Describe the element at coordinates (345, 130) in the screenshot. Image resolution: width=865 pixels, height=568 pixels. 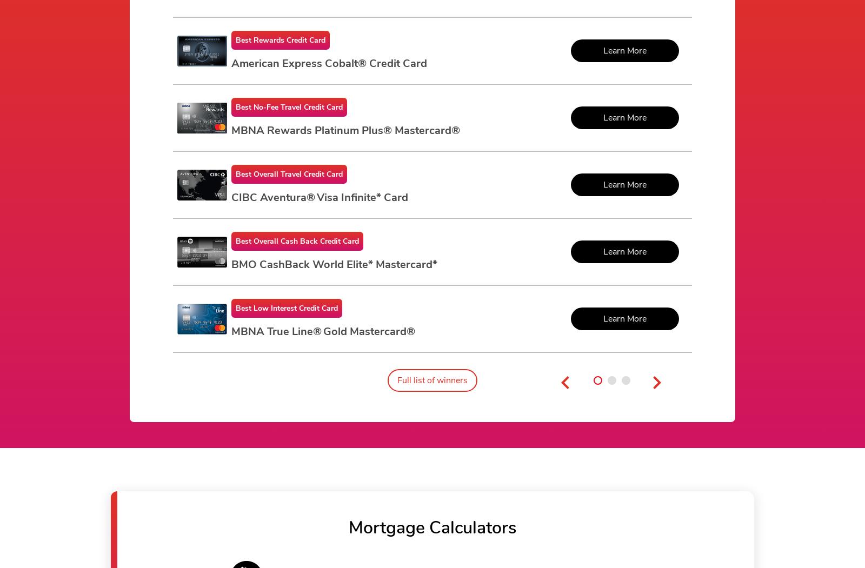
I see `'MBNA Rewards Platinum Plus® Mastercard®'` at that location.